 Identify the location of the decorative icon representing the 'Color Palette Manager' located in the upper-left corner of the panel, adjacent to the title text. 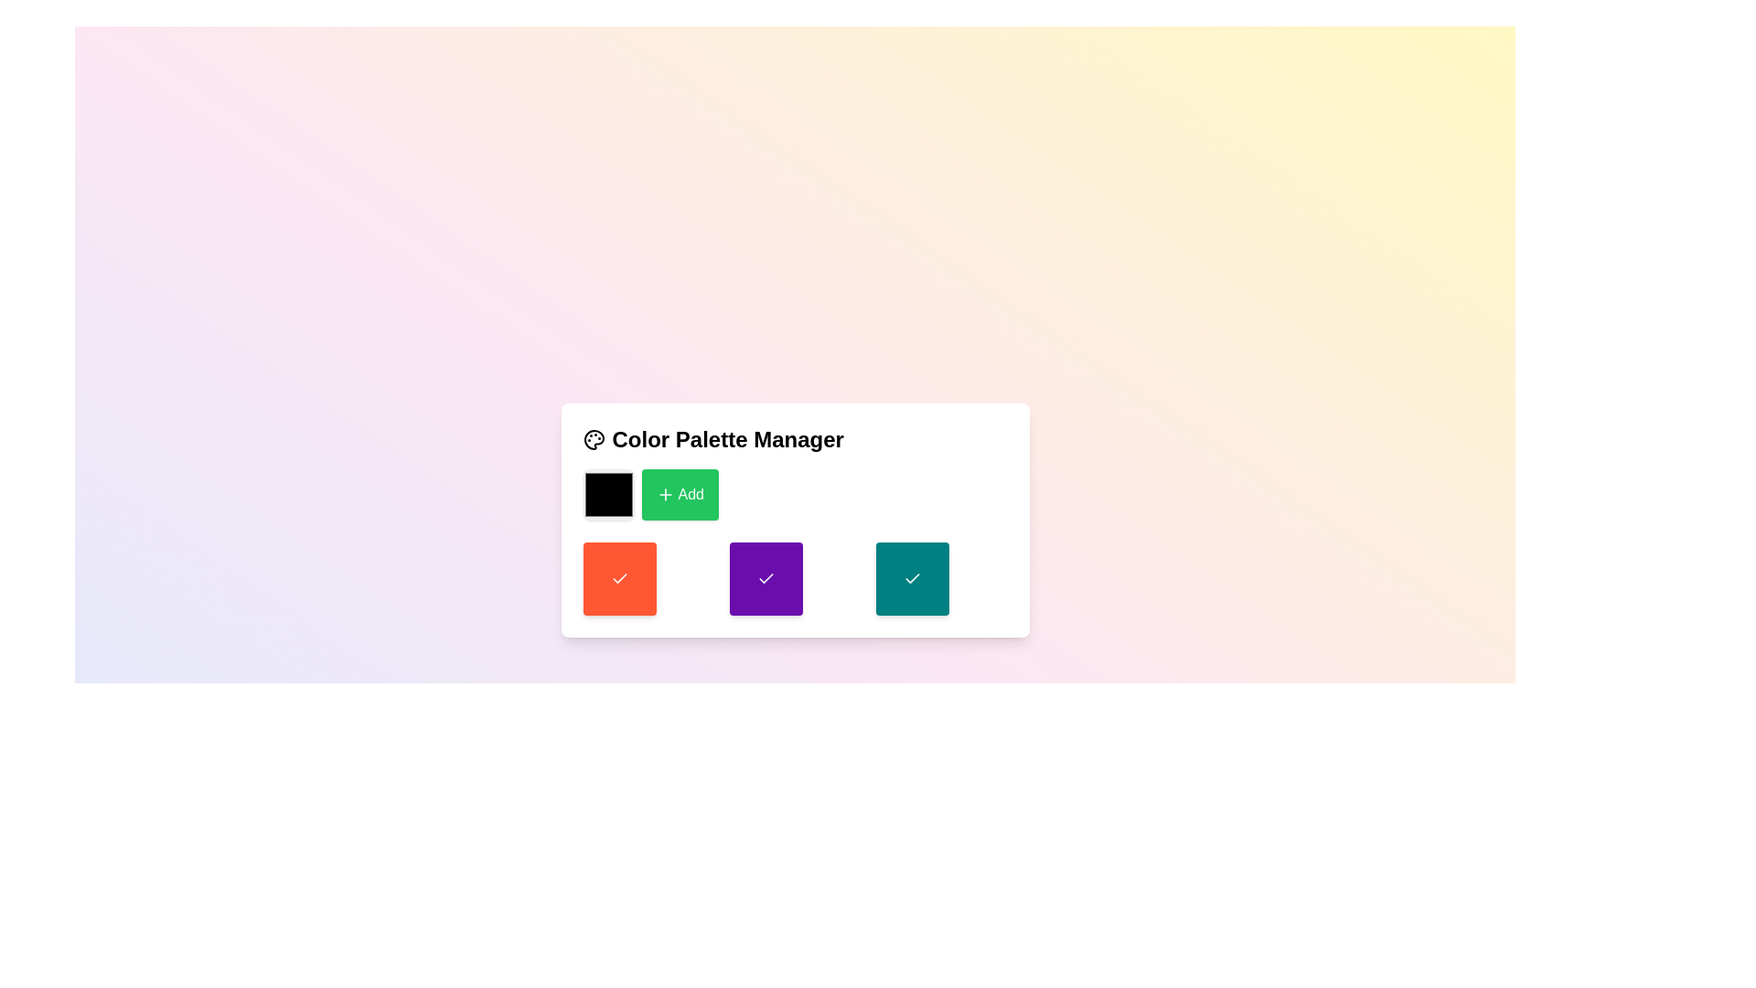
(594, 440).